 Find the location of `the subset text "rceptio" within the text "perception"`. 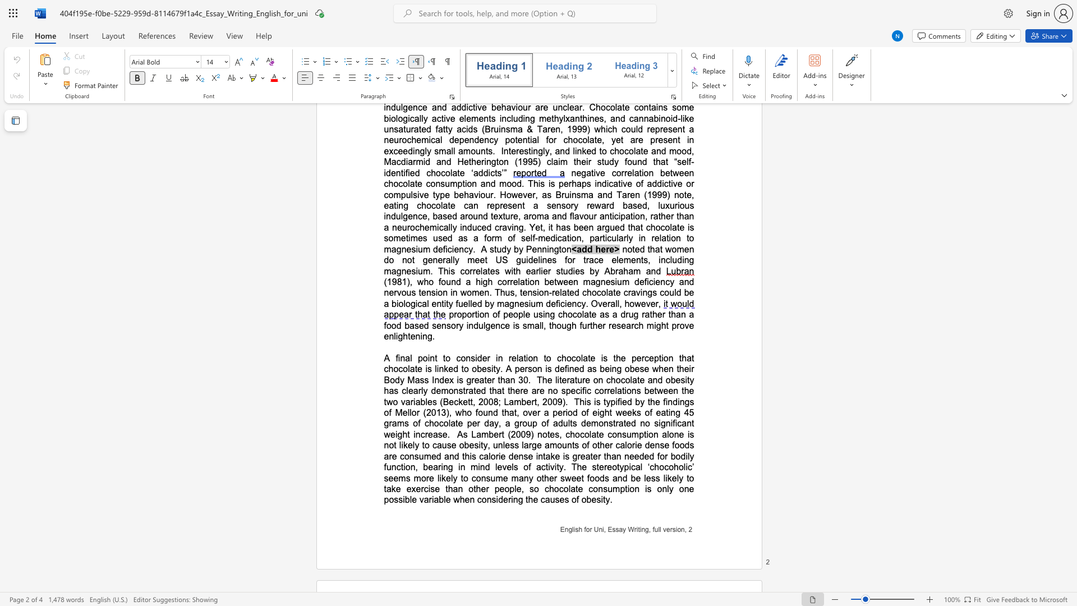

the subset text "rceptio" within the text "perception" is located at coordinates (641, 358).